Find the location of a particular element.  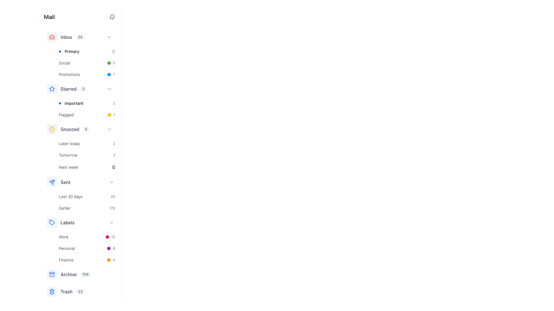

the interactive chevron icon styled as a right-facing arrow in the 'Snoozed' section of the mail sidebar is located at coordinates (109, 129).